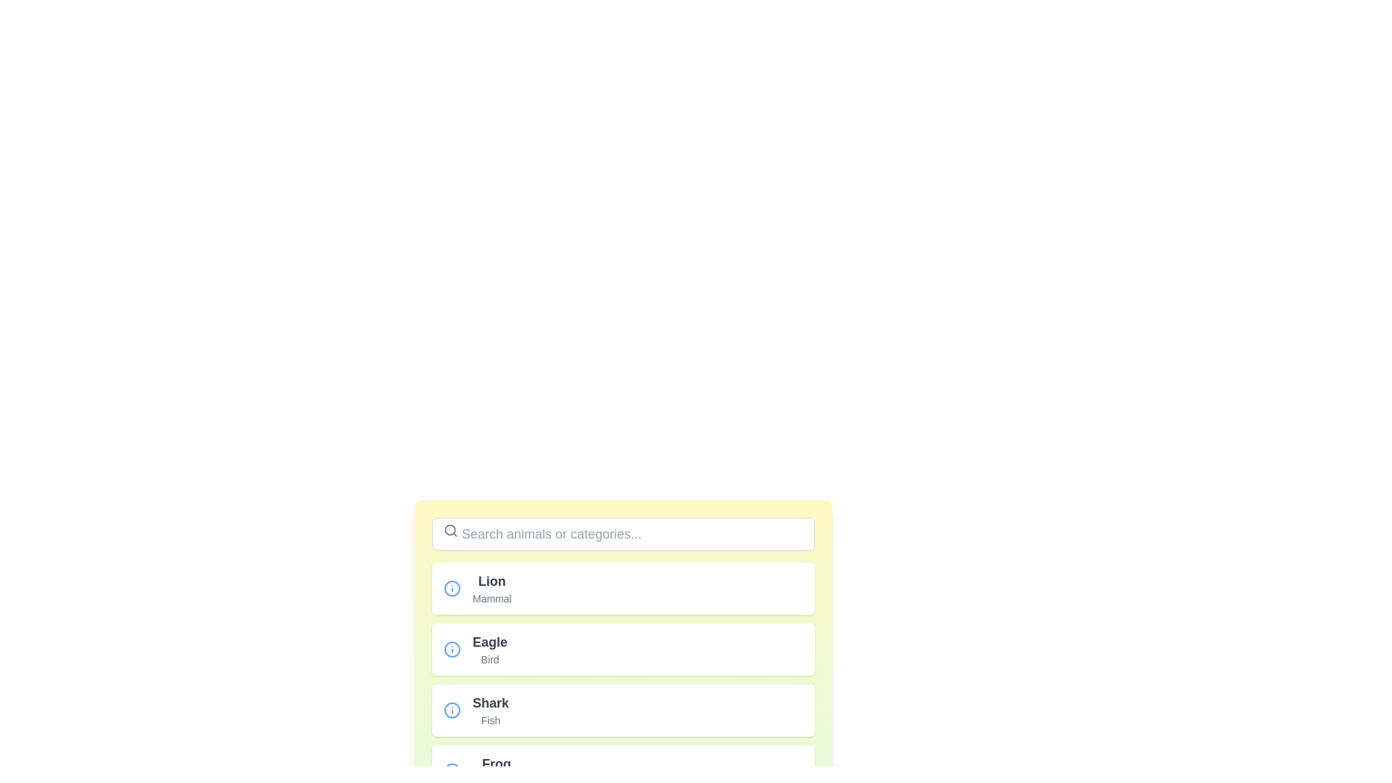  What do you see at coordinates (490, 642) in the screenshot?
I see `text content of the label displaying the name 'Eagle', which is positioned in the second row of a vertically stacked list, above 'Bird' and below 'Lion'` at bounding box center [490, 642].